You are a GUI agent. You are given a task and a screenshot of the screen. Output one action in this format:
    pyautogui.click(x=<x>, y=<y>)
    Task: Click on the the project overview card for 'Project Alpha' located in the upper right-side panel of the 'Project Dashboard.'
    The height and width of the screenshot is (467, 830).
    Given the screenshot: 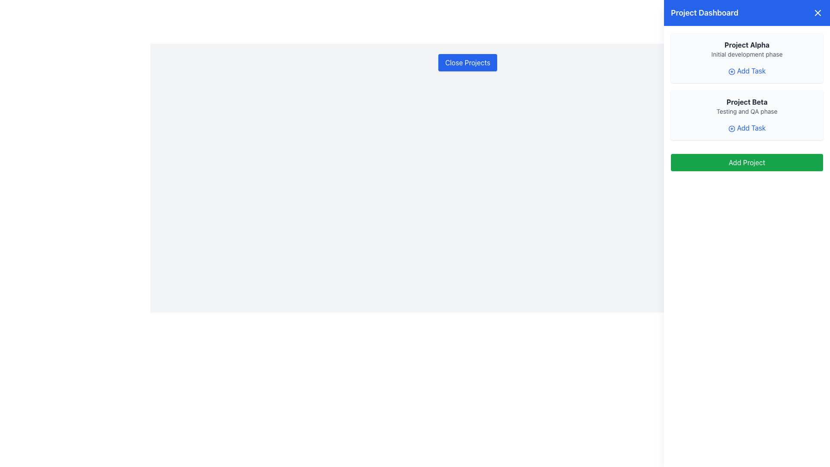 What is the action you would take?
    pyautogui.click(x=747, y=58)
    